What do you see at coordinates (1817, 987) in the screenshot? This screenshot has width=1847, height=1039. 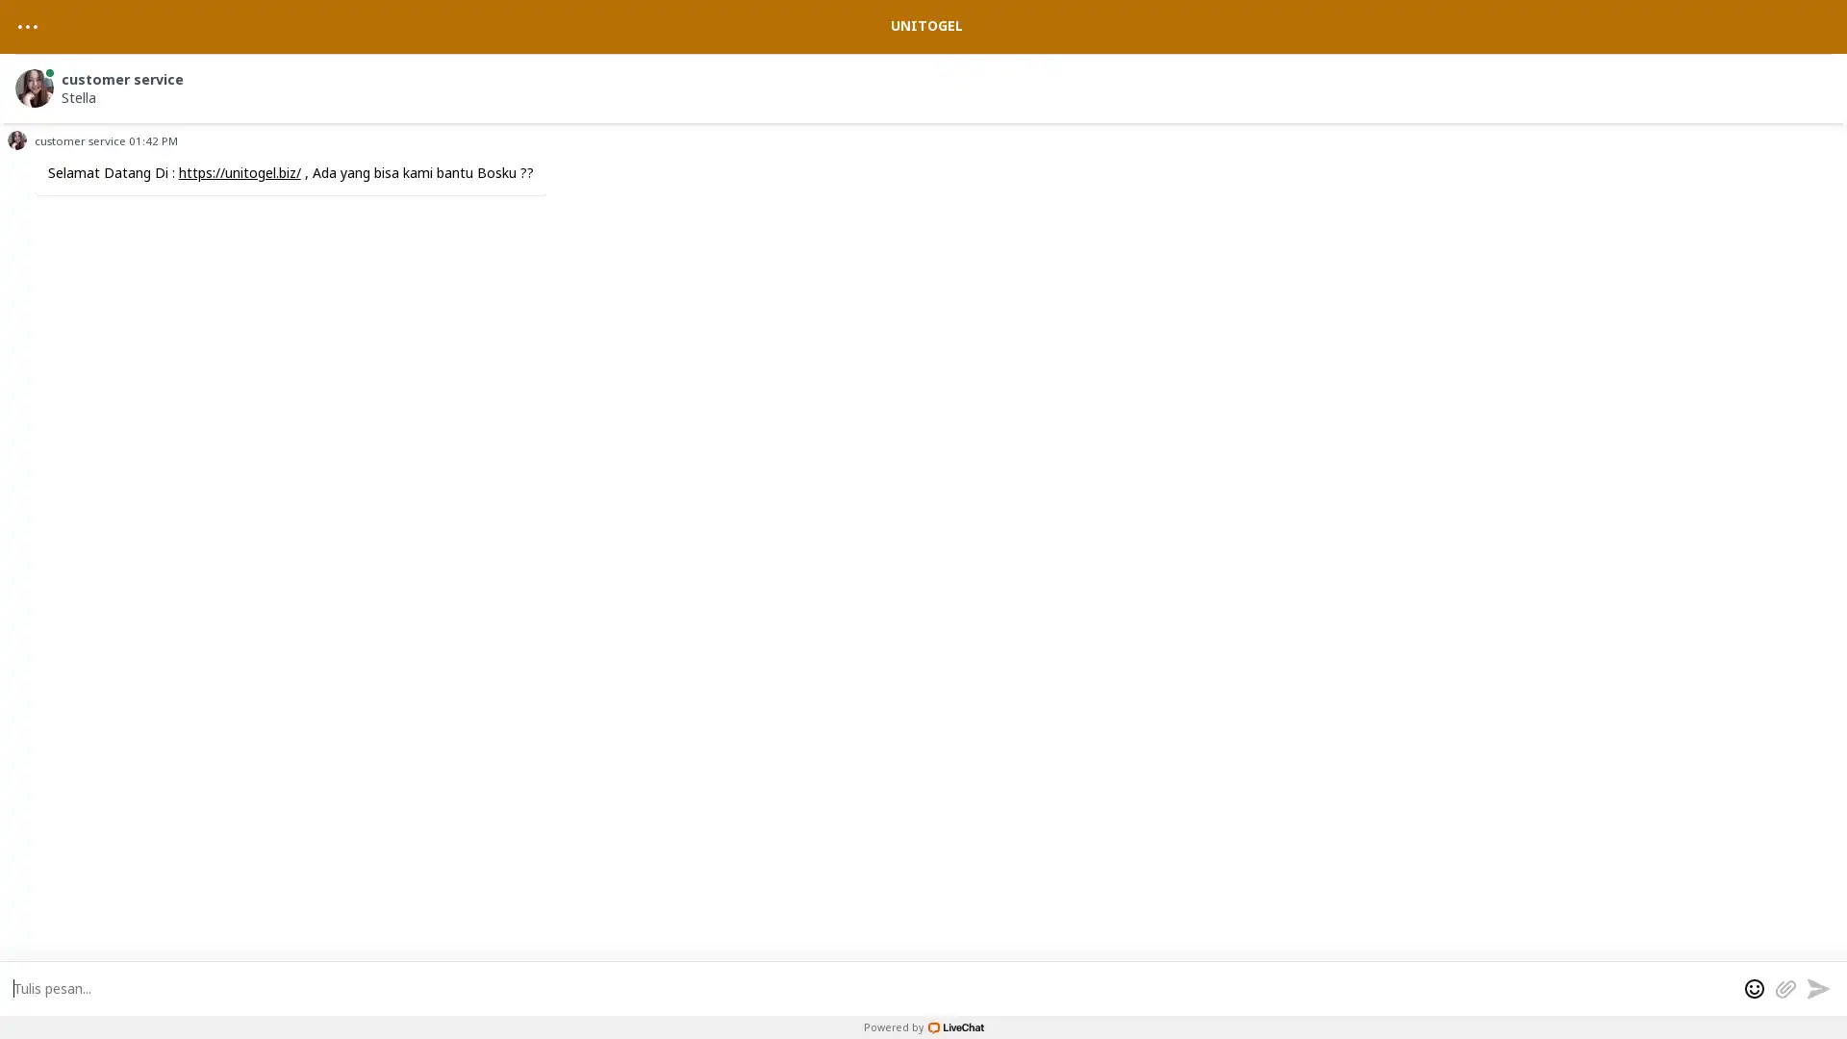 I see `Send a message` at bounding box center [1817, 987].